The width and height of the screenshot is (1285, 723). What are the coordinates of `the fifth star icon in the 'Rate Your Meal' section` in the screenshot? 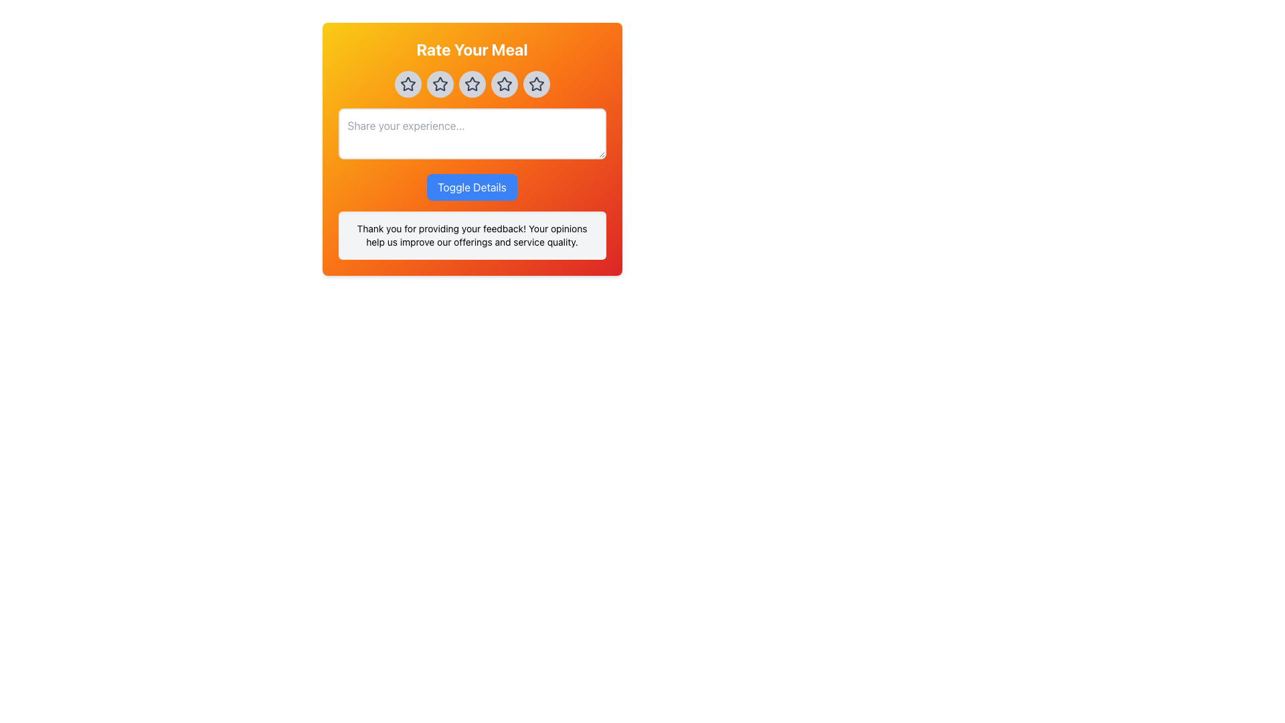 It's located at (536, 84).